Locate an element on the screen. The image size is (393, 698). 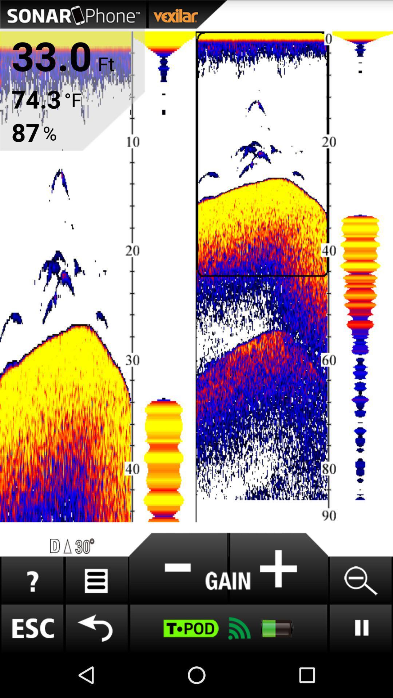
previous is located at coordinates (96, 628).